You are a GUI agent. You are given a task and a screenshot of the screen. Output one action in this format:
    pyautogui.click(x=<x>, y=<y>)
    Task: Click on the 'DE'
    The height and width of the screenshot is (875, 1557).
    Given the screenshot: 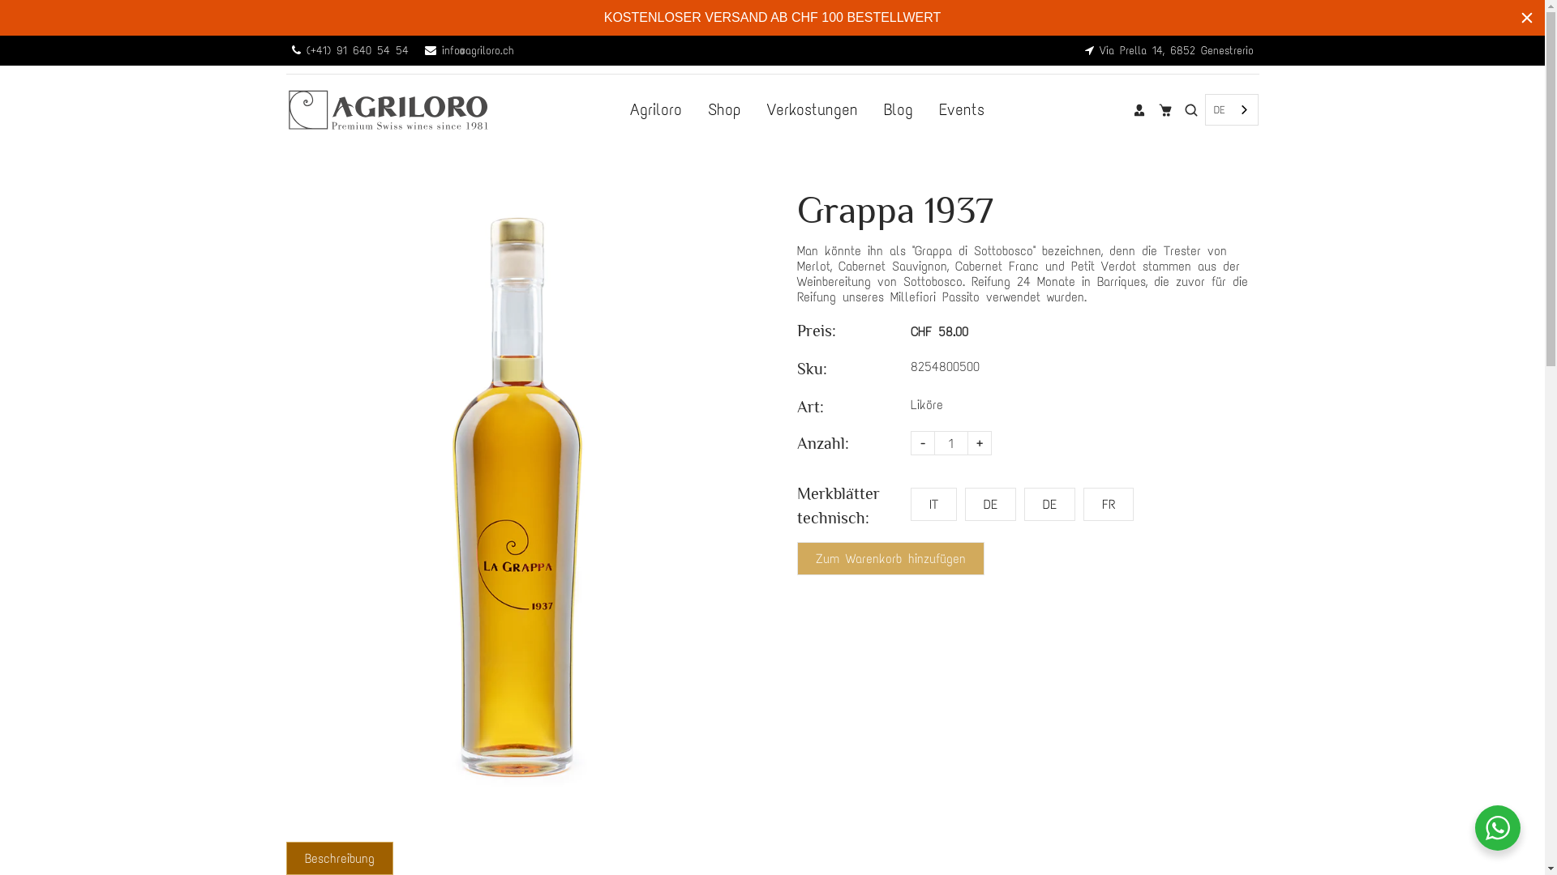 What is the action you would take?
    pyautogui.click(x=1230, y=109)
    